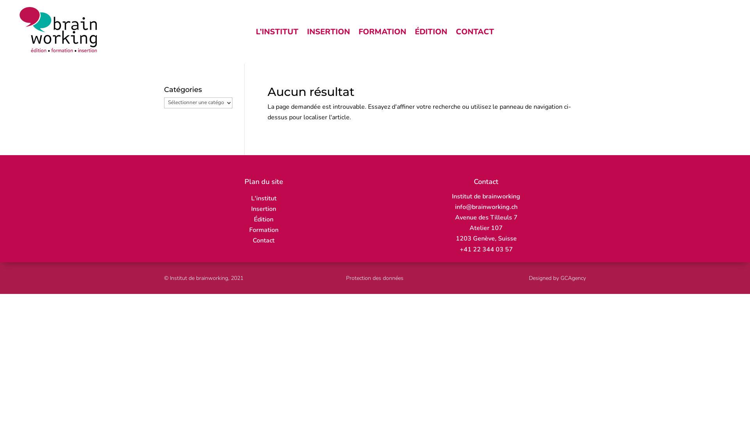  I want to click on 'Formation', so click(264, 230).